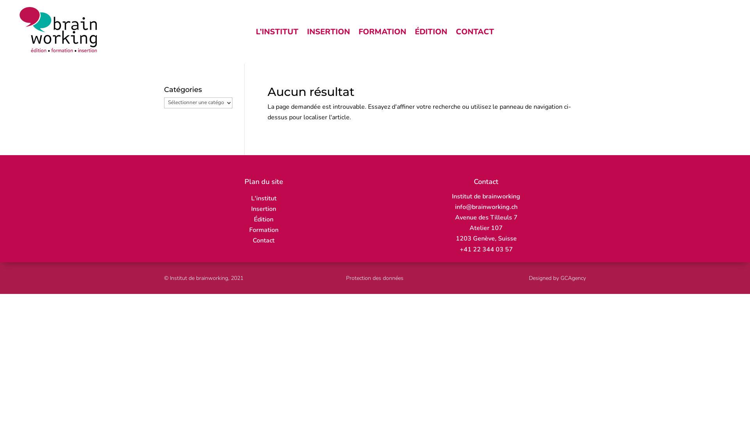  I want to click on 'Formation', so click(264, 230).